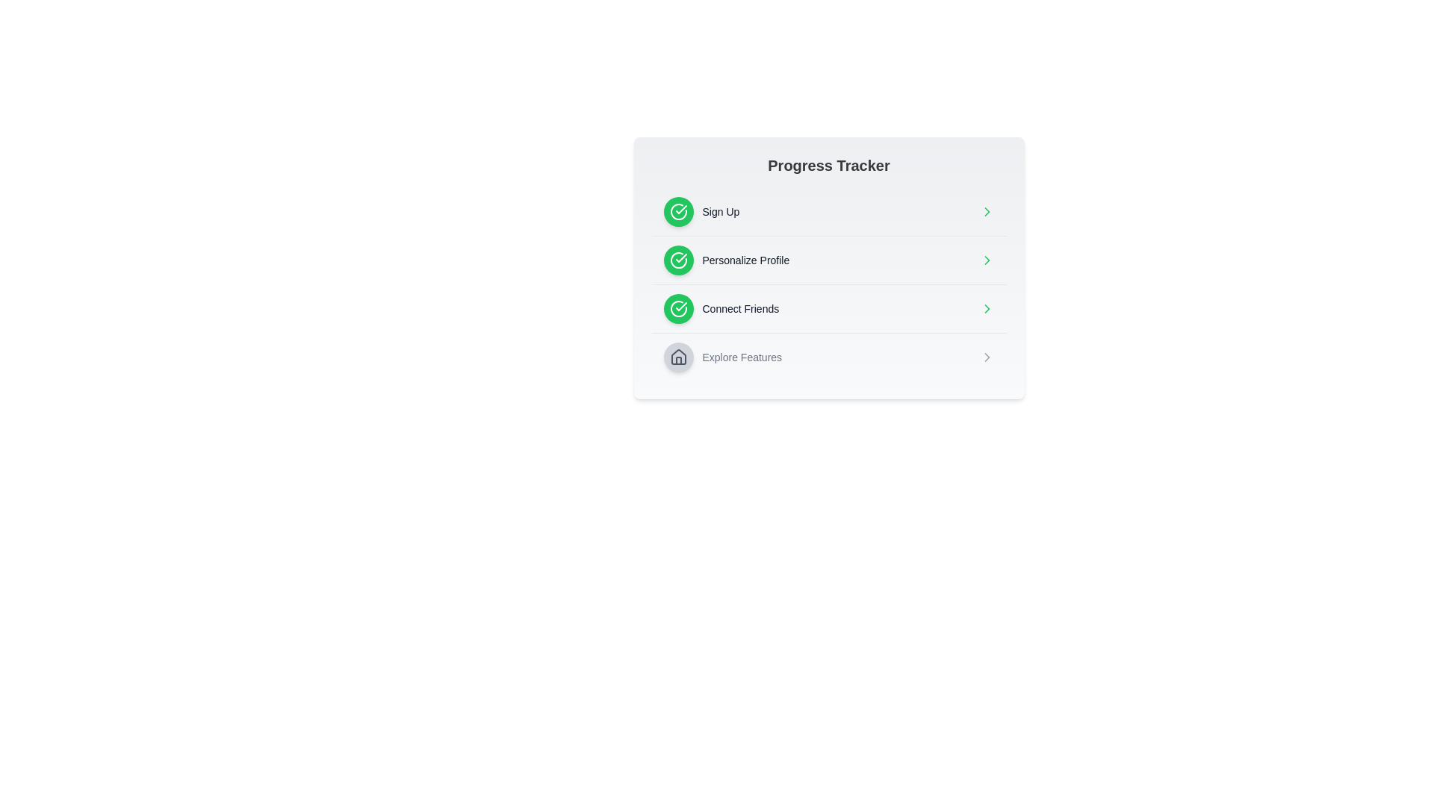 The image size is (1434, 806). What do you see at coordinates (740, 307) in the screenshot?
I see `the third text label in the 'Progress Tracker' section, which provides information about the next action or phase in the process` at bounding box center [740, 307].